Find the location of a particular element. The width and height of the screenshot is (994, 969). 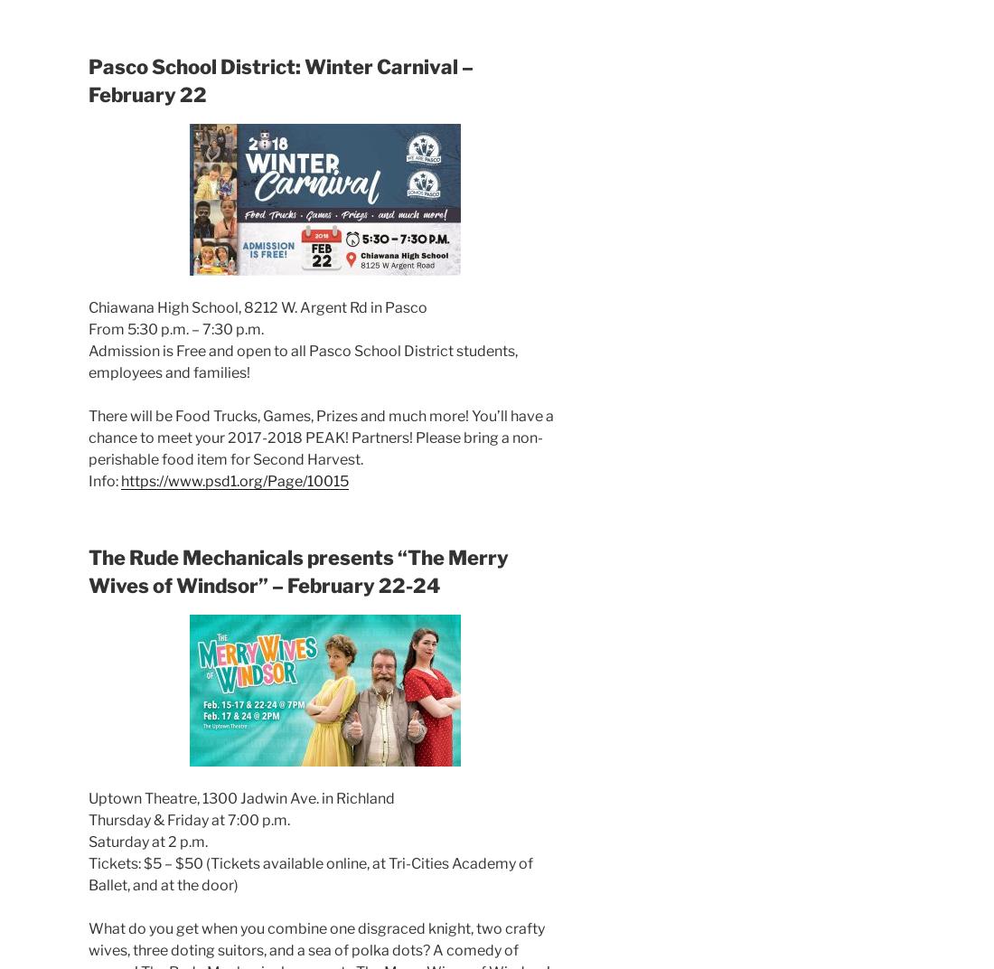

'Pasco School District: Winter Carnival – February 22' is located at coordinates (279, 80).